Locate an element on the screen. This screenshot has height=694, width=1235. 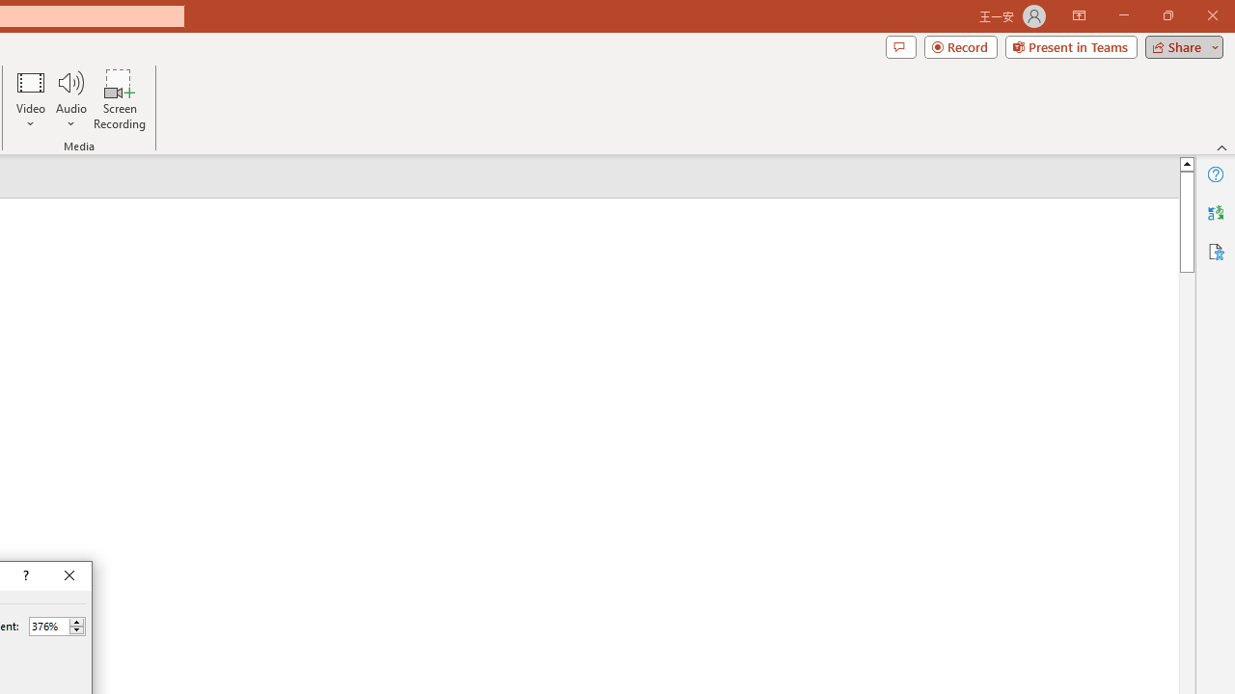
'Video' is located at coordinates (31, 99).